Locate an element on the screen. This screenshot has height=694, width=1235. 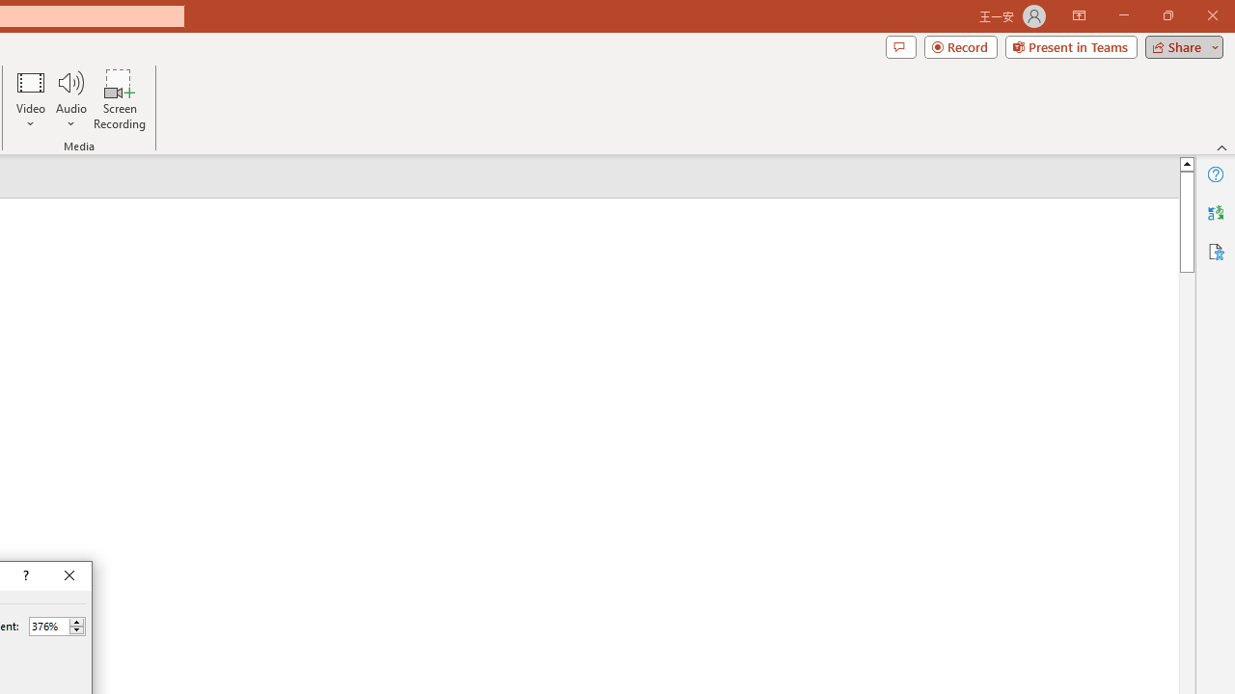
'Video' is located at coordinates (31, 99).